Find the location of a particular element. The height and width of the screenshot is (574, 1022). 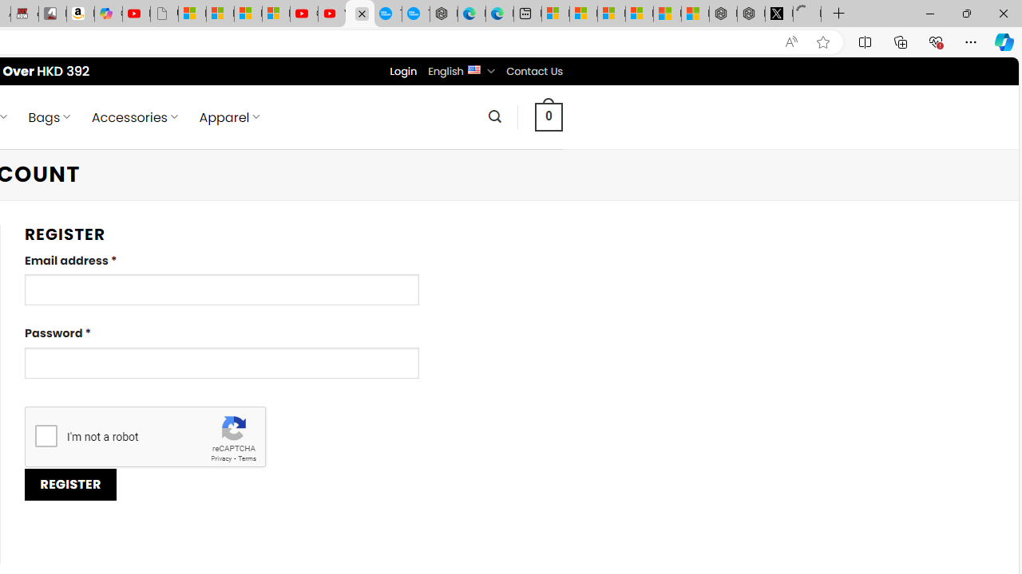

'Copilot' is located at coordinates (108, 14).